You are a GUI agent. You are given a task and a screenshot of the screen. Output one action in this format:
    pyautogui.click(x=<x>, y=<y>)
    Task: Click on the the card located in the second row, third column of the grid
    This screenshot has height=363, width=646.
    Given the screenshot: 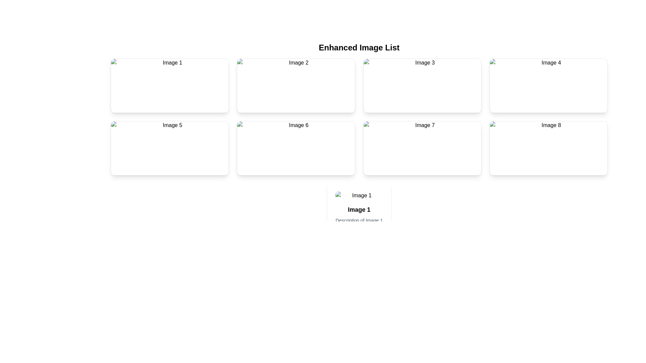 What is the action you would take?
    pyautogui.click(x=422, y=148)
    